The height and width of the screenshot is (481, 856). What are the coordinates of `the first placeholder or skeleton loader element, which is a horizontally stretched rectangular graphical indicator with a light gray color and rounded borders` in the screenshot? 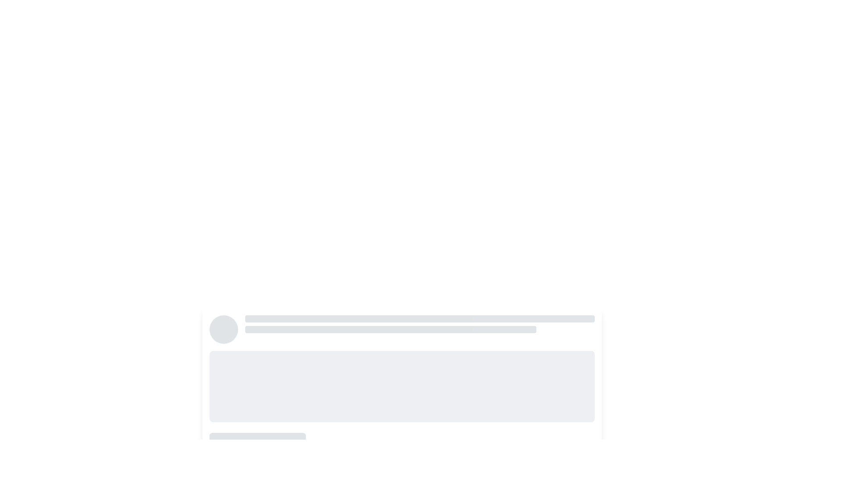 It's located at (419, 318).